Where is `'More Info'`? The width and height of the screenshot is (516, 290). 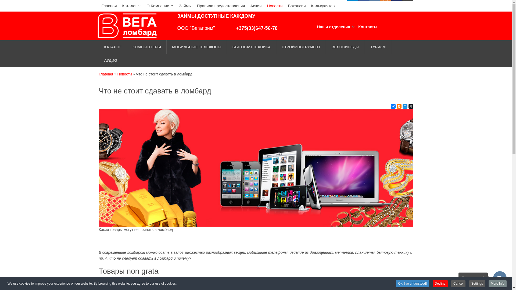 'More Info' is located at coordinates (489, 283).